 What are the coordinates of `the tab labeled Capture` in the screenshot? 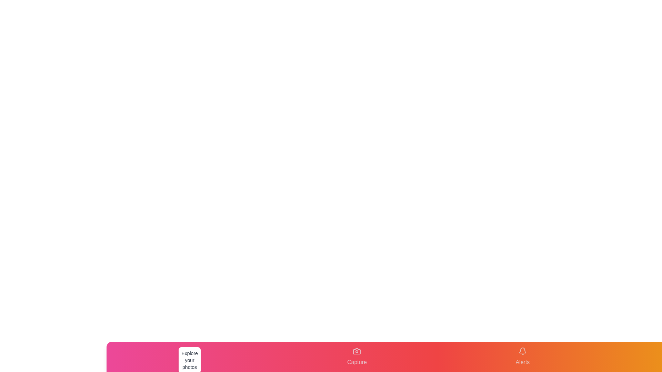 It's located at (357, 356).